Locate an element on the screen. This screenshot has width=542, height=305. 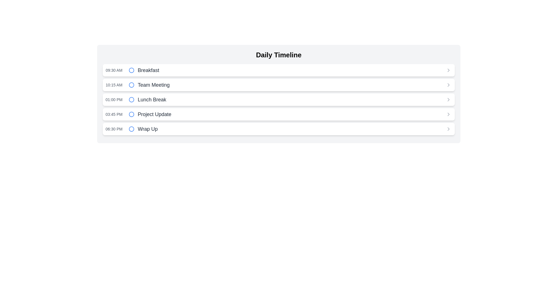
the right-facing chevron icon located to the far-right side of the '03:45 PM Project Update' row is located at coordinates (448, 114).